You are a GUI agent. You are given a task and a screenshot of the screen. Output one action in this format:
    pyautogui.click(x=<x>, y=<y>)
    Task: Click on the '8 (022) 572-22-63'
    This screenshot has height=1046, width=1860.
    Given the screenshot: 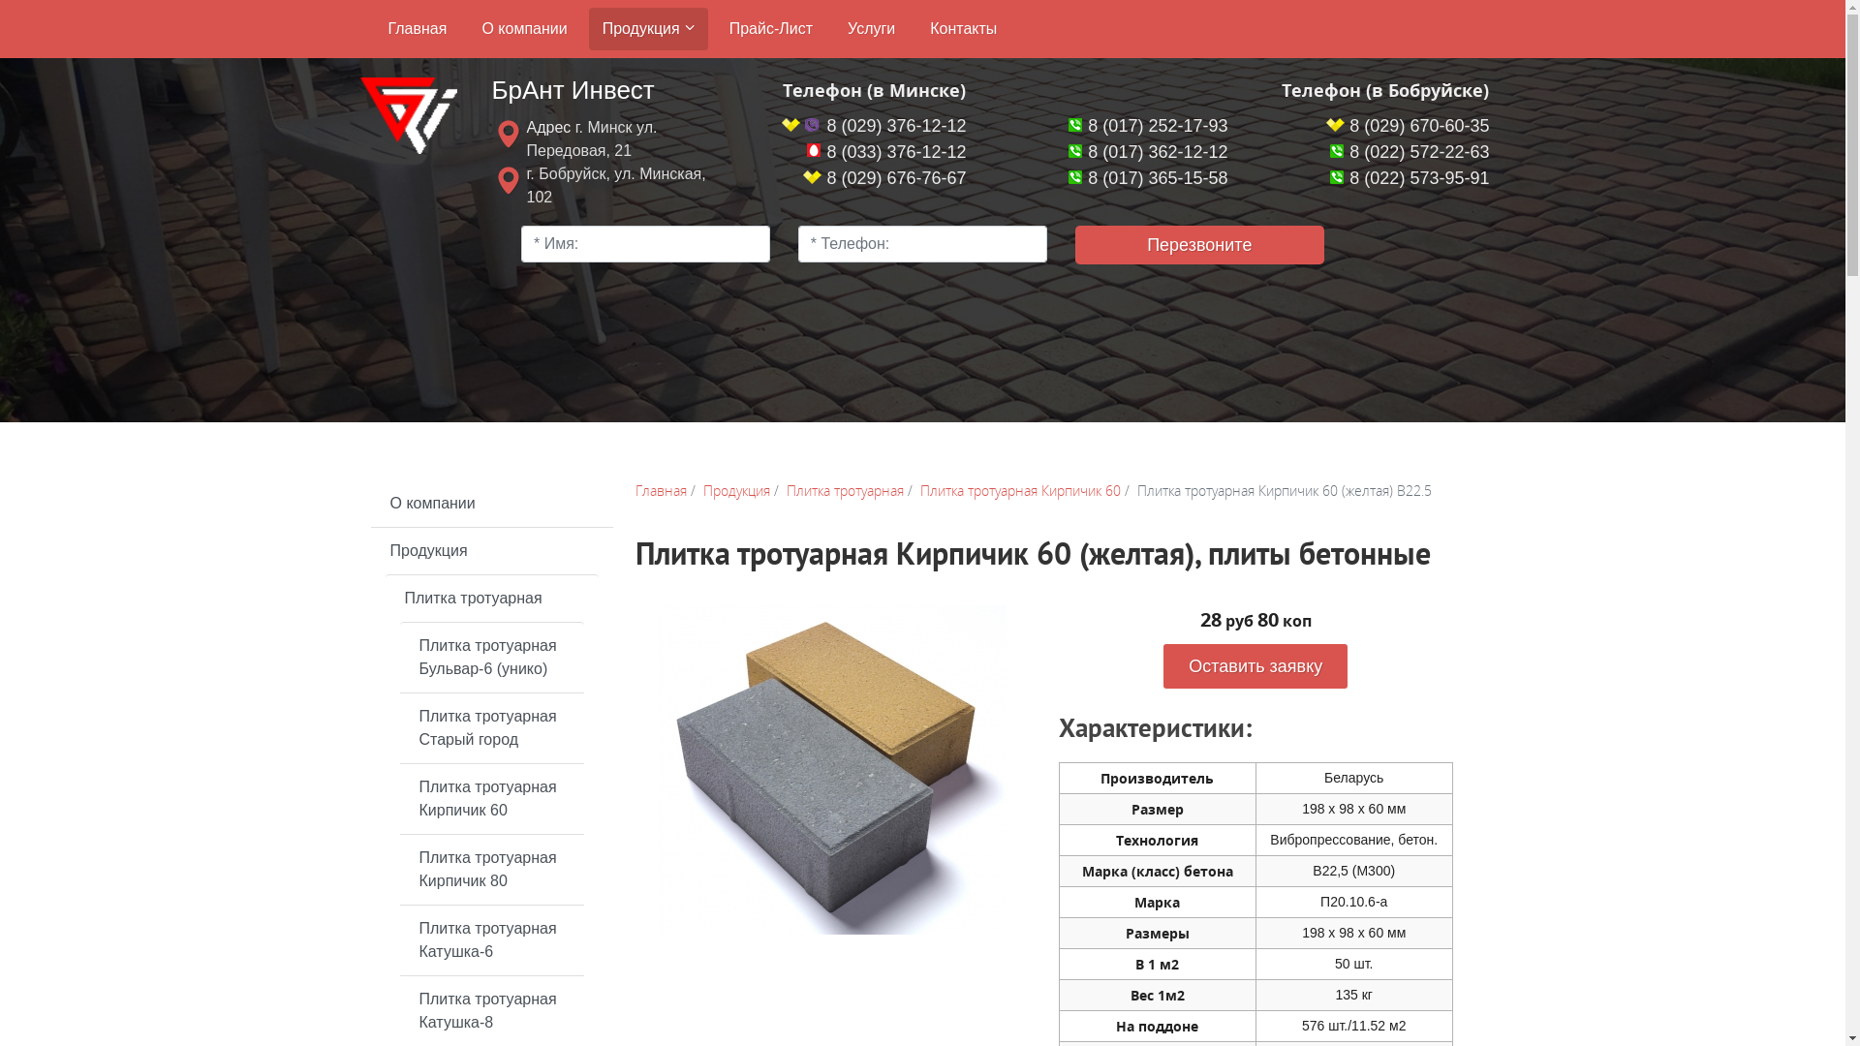 What is the action you would take?
    pyautogui.click(x=1409, y=151)
    